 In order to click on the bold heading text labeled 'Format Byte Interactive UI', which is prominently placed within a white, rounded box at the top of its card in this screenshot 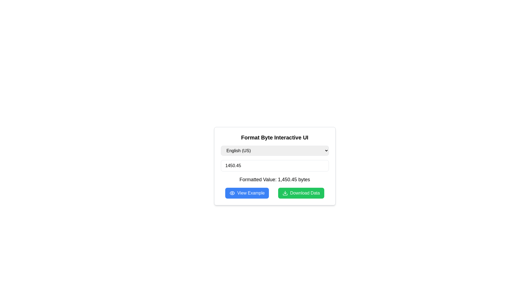, I will do `click(275, 137)`.